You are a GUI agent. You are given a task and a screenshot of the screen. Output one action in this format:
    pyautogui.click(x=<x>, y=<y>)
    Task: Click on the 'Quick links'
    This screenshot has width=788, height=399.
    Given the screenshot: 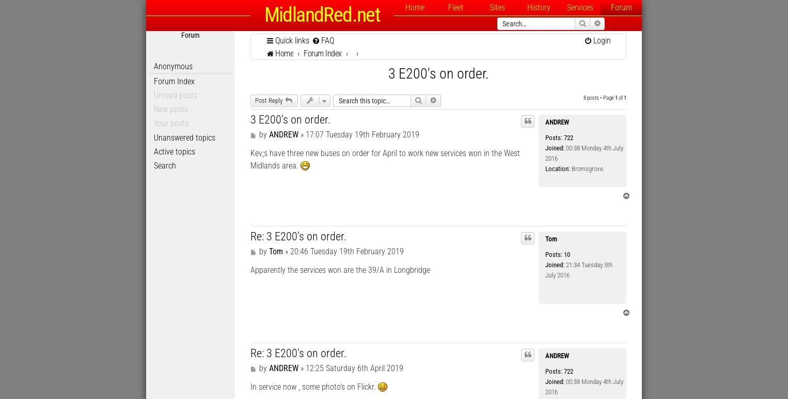 What is the action you would take?
    pyautogui.click(x=291, y=40)
    